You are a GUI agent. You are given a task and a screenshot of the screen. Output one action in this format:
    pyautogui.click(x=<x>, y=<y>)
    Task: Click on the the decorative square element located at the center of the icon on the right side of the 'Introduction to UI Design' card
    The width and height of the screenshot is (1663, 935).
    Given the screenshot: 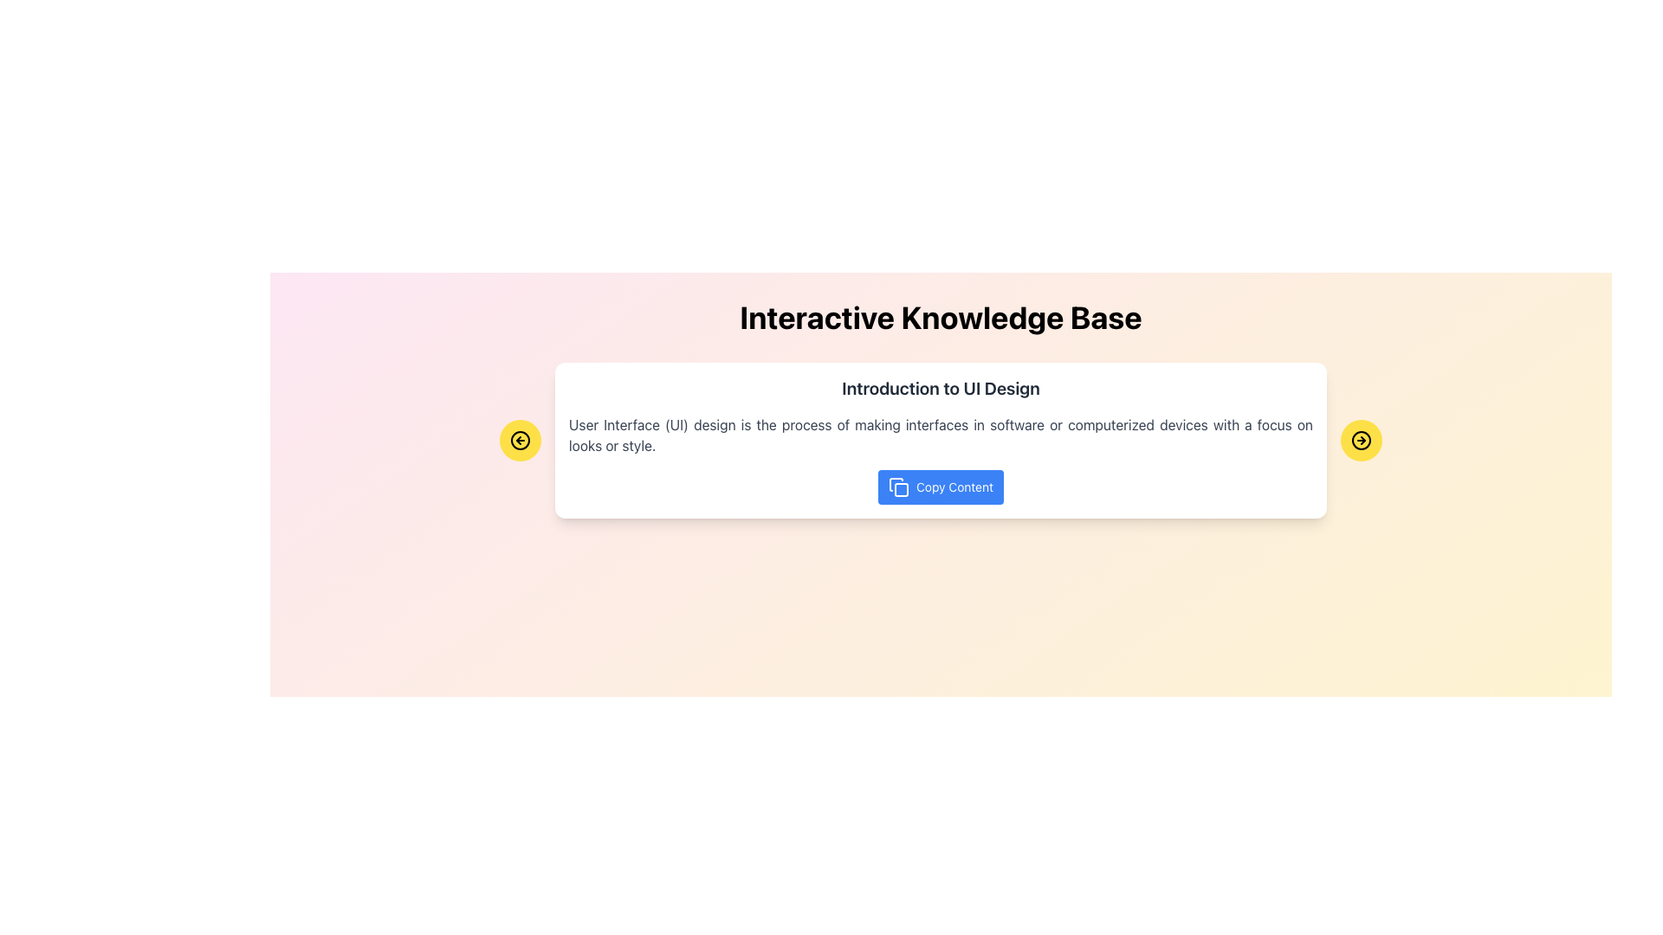 What is the action you would take?
    pyautogui.click(x=901, y=490)
    